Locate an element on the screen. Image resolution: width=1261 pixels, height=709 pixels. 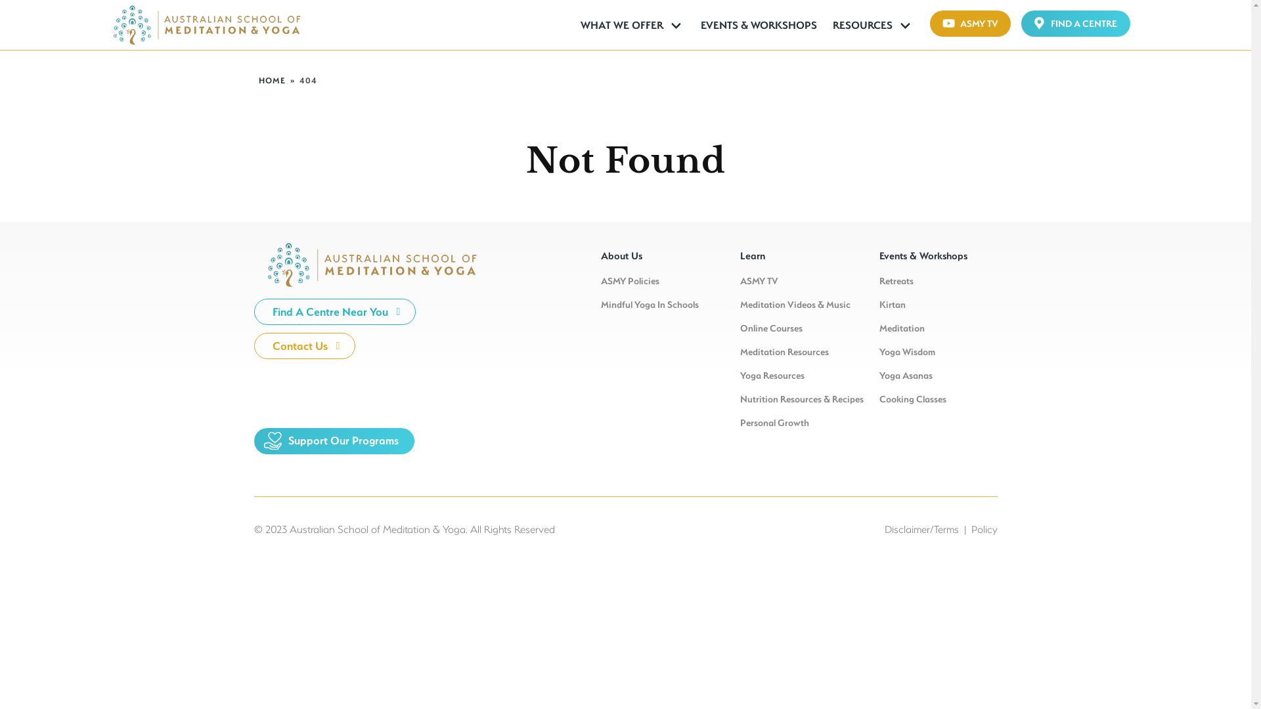
'EVENTS & WORKSHOPS' is located at coordinates (759, 24).